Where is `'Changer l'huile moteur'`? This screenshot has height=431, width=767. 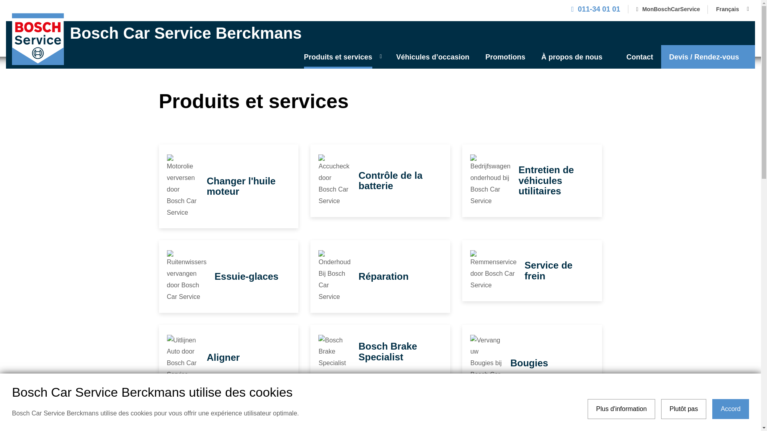
'Changer l'huile moteur' is located at coordinates (207, 186).